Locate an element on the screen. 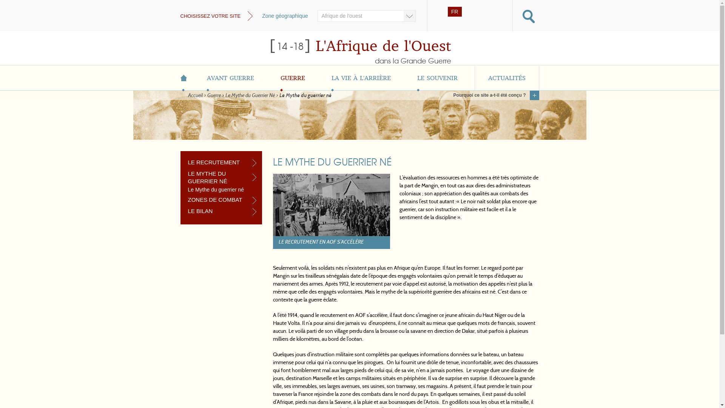 The width and height of the screenshot is (725, 408). 'ZONES DE COMBAT' is located at coordinates (222, 199).